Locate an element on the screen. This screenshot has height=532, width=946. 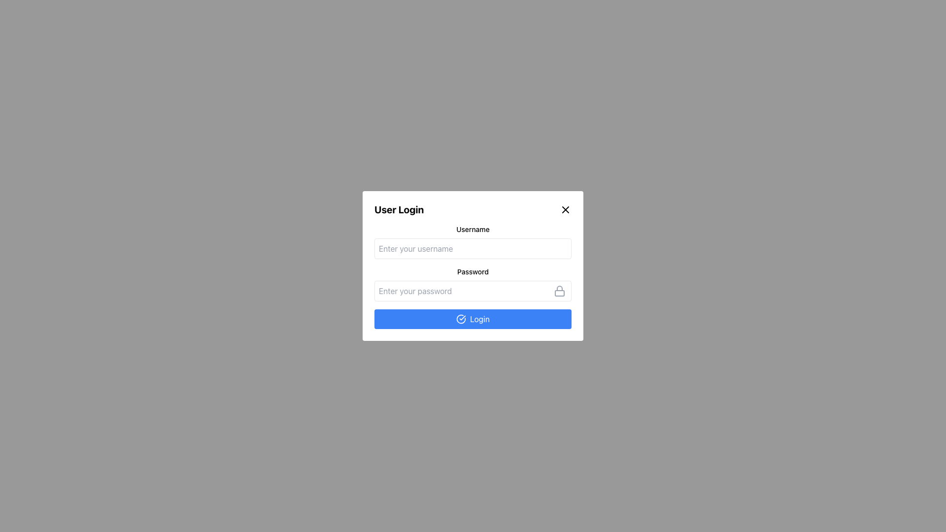
the verification icon located within the 'User Login' button at the bottom-center of the modal, specifically to the left of the 'Login' text is located at coordinates (461, 319).